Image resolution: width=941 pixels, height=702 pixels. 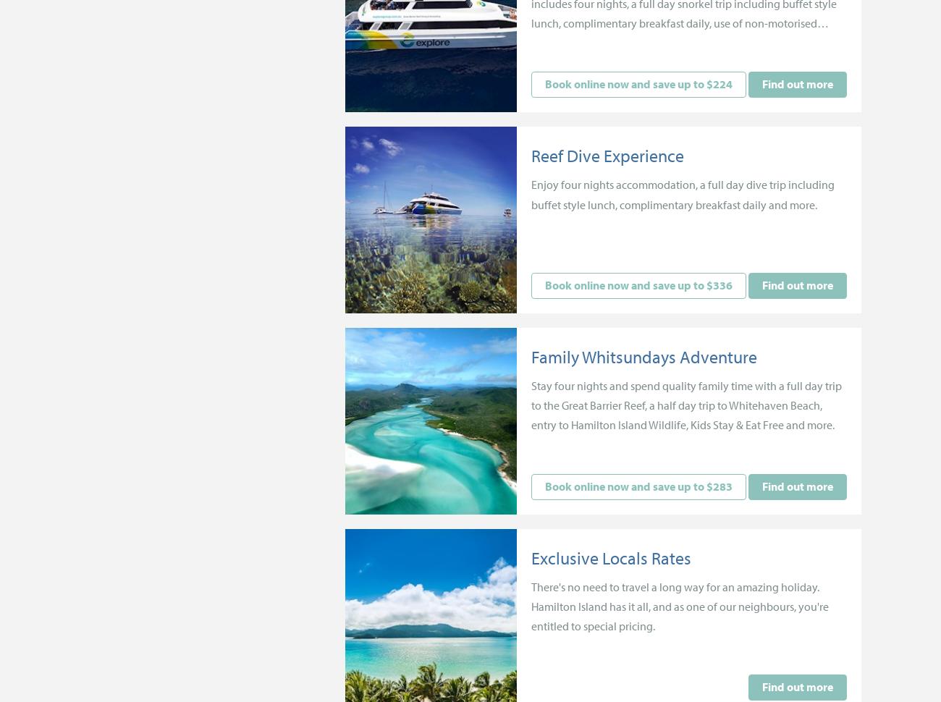 I want to click on 'Enjoy four nights accommodation, a full day dive trip including buffet style lunch, complimentary breakfast daily and more.', so click(x=683, y=193).